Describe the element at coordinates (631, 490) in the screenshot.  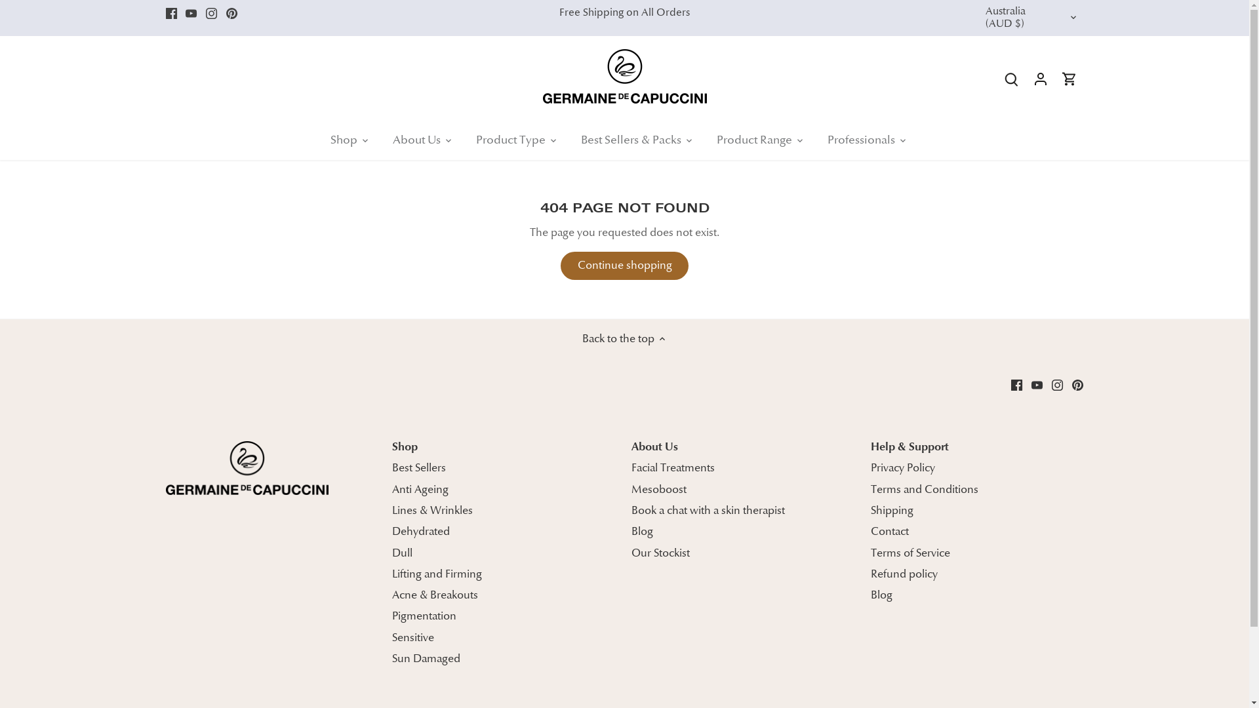
I see `'Mesoboost'` at that location.